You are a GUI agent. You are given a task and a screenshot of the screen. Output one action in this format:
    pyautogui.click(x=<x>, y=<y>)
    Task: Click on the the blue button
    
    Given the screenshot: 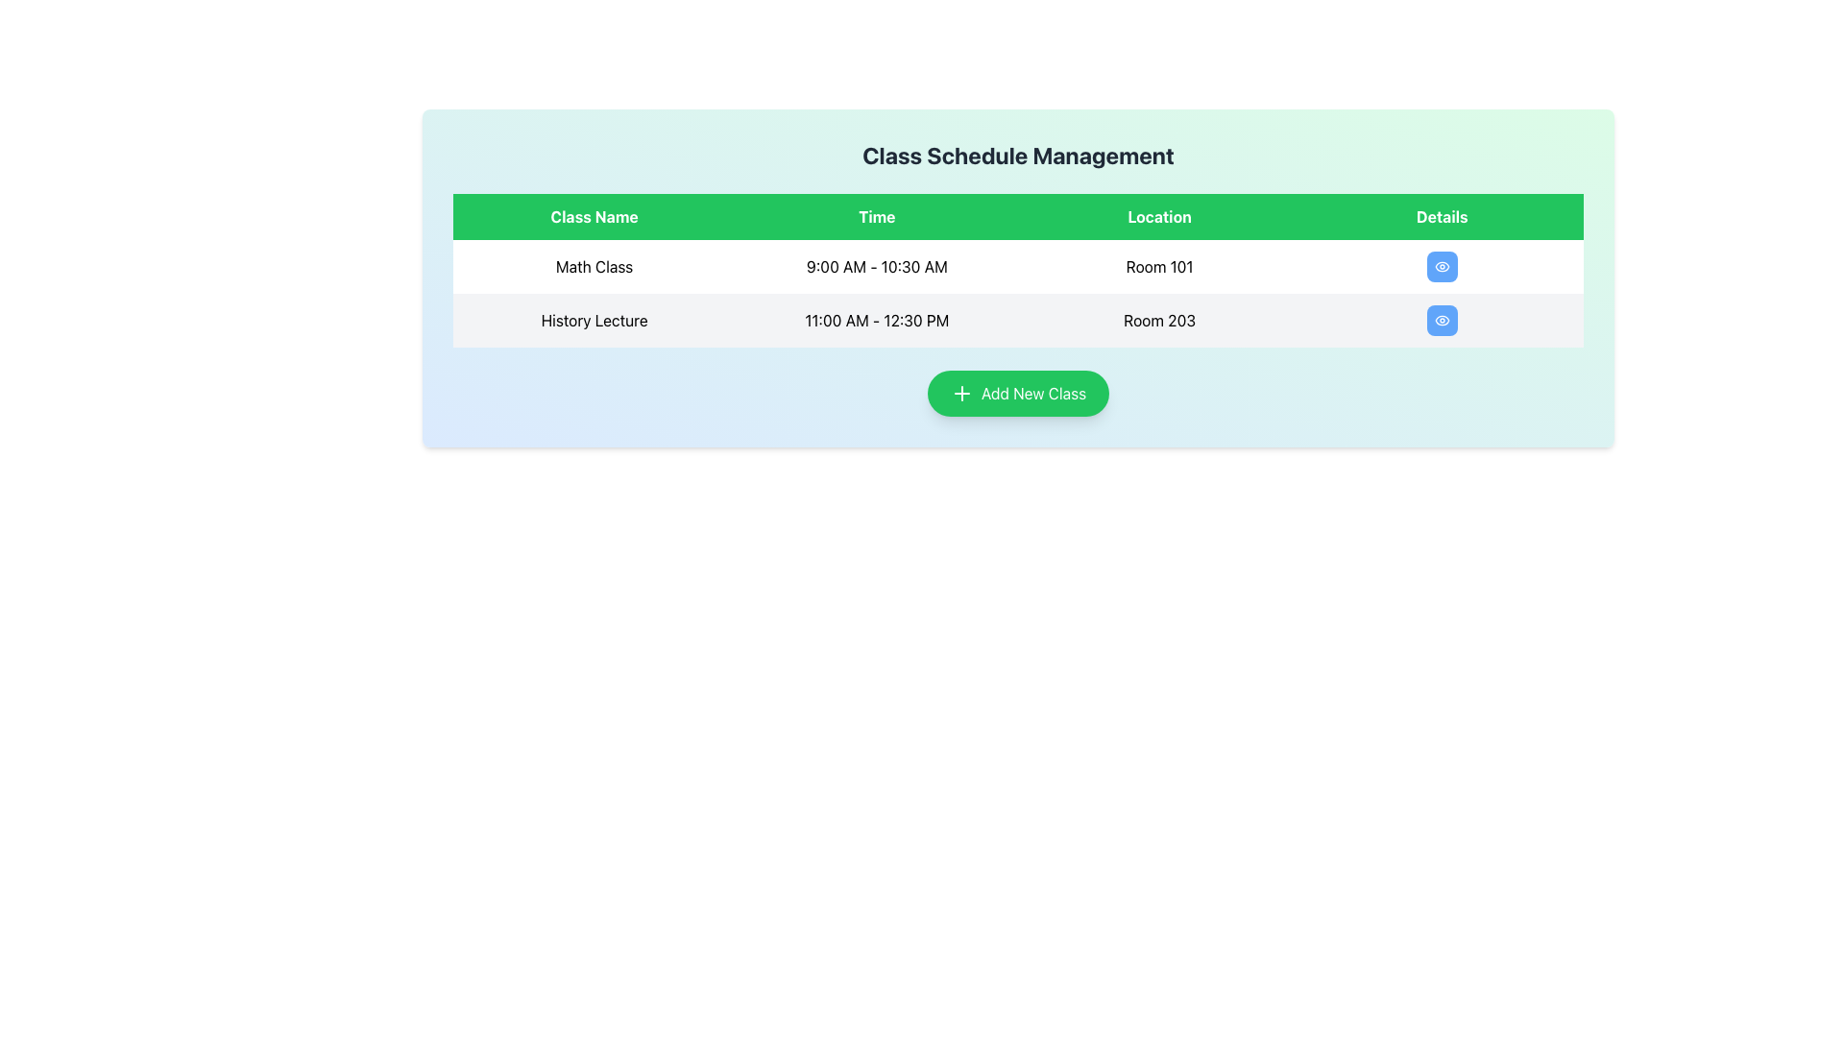 What is the action you would take?
    pyautogui.click(x=1442, y=266)
    